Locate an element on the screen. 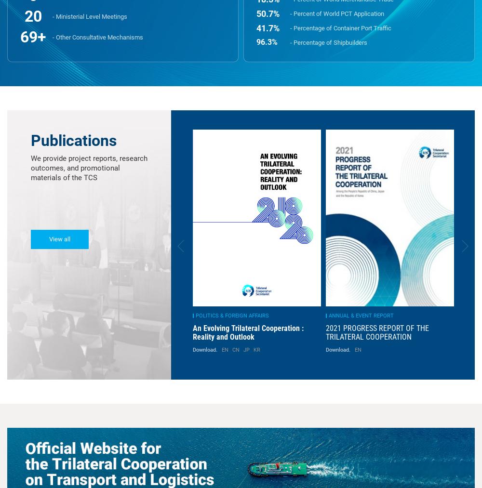 This screenshot has height=488, width=482. '21' is located at coordinates (32, 16).